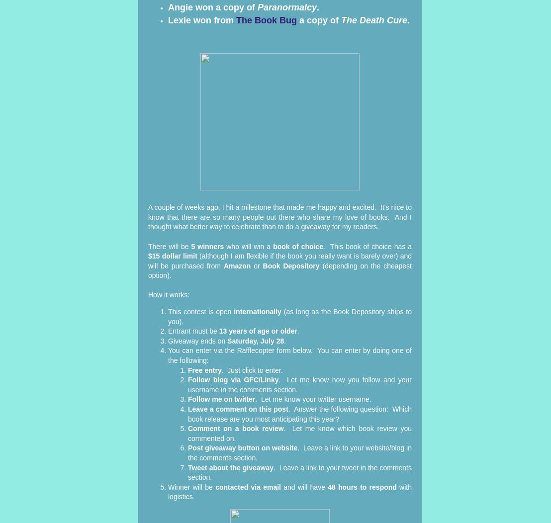 The image size is (551, 523). What do you see at coordinates (323, 245) in the screenshot?
I see `'.  This book of choice has a'` at bounding box center [323, 245].